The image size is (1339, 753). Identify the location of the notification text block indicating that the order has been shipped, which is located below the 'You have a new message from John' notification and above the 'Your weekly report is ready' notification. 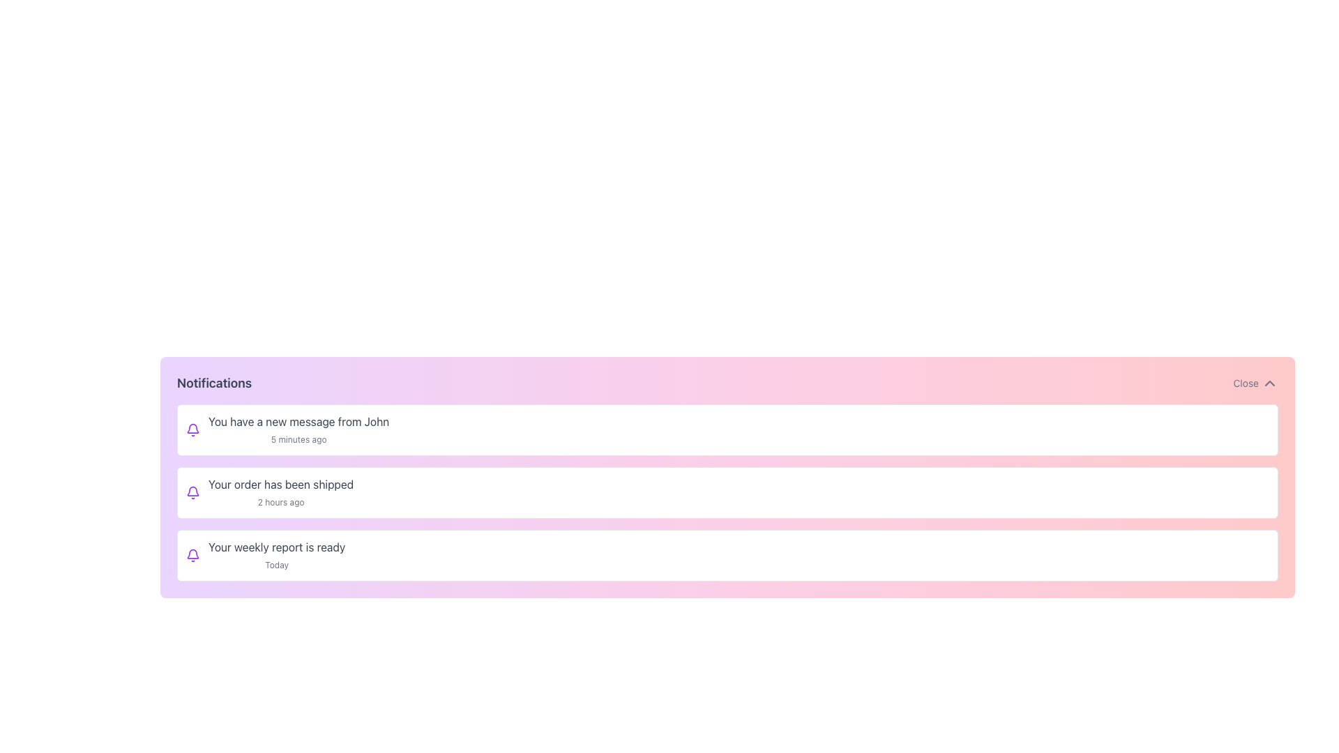
(280, 492).